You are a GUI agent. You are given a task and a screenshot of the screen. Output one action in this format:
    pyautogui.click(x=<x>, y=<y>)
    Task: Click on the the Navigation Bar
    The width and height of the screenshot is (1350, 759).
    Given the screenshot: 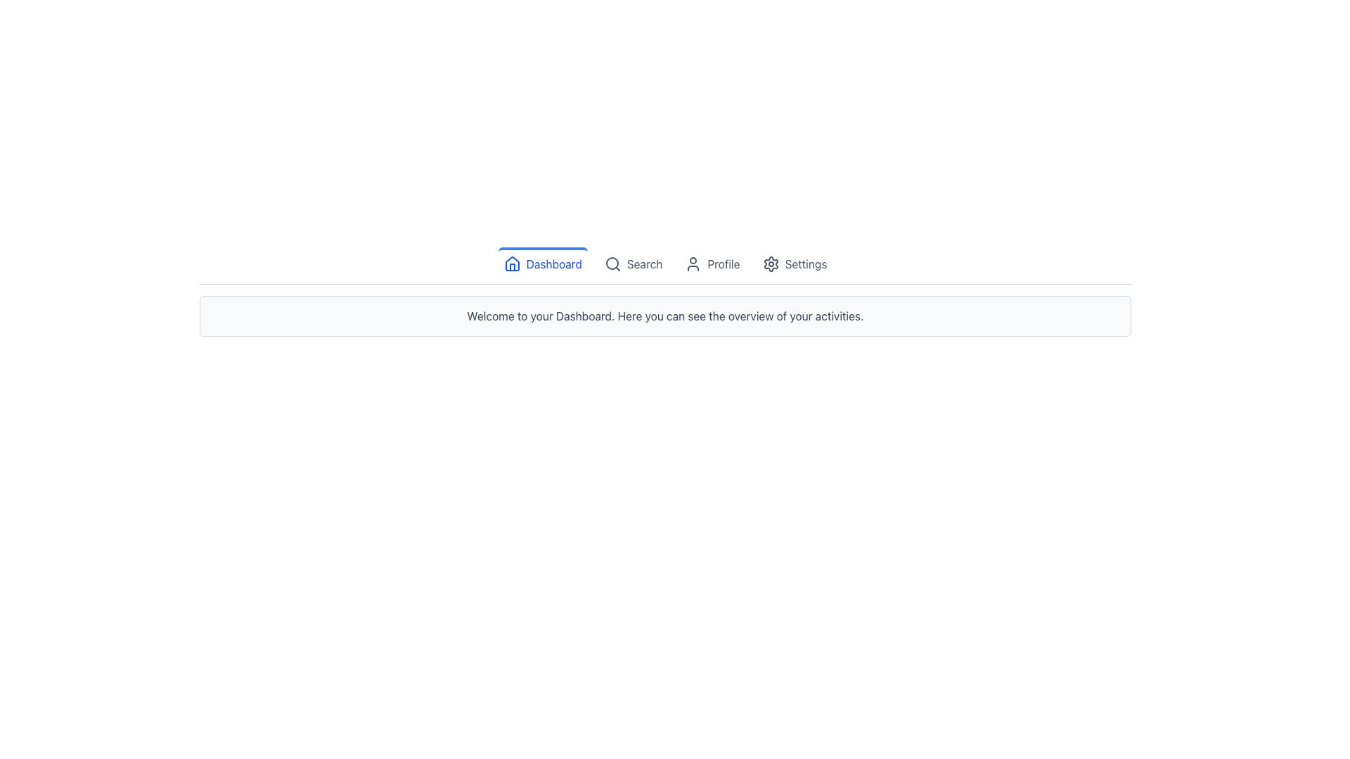 What is the action you would take?
    pyautogui.click(x=664, y=266)
    